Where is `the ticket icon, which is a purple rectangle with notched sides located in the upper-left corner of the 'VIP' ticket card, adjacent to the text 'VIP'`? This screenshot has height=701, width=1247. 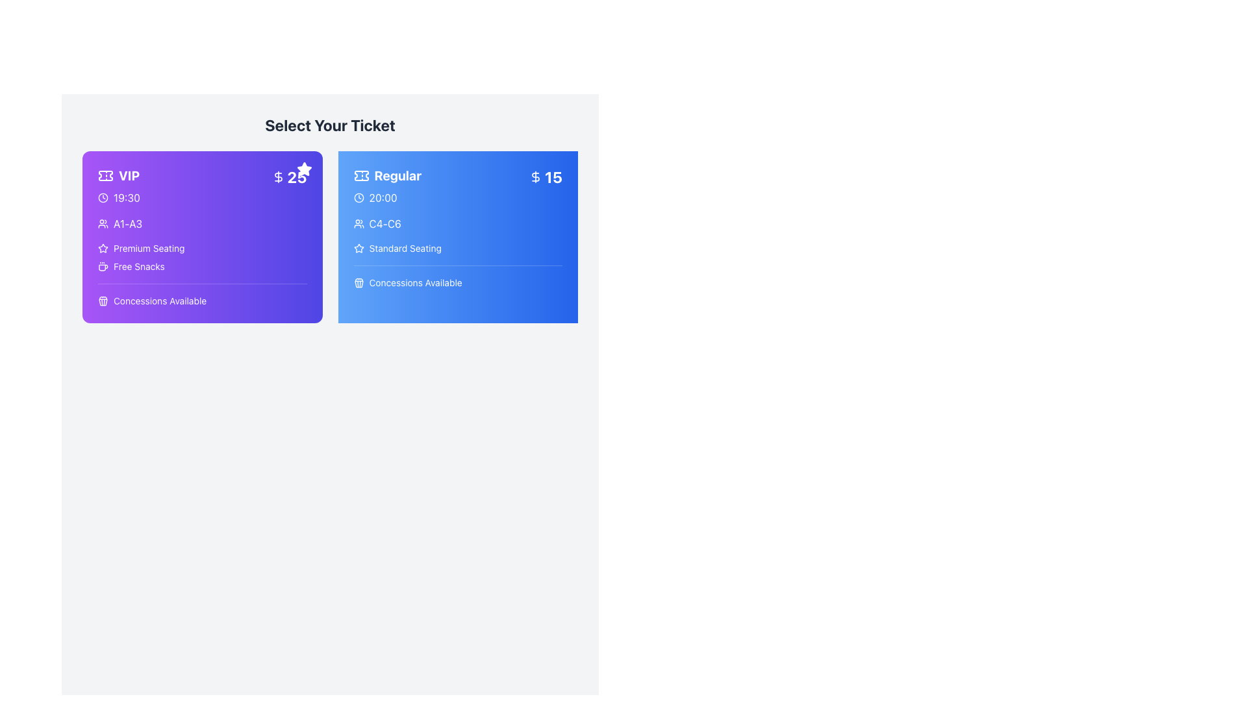 the ticket icon, which is a purple rectangle with notched sides located in the upper-left corner of the 'VIP' ticket card, adjacent to the text 'VIP' is located at coordinates (106, 175).